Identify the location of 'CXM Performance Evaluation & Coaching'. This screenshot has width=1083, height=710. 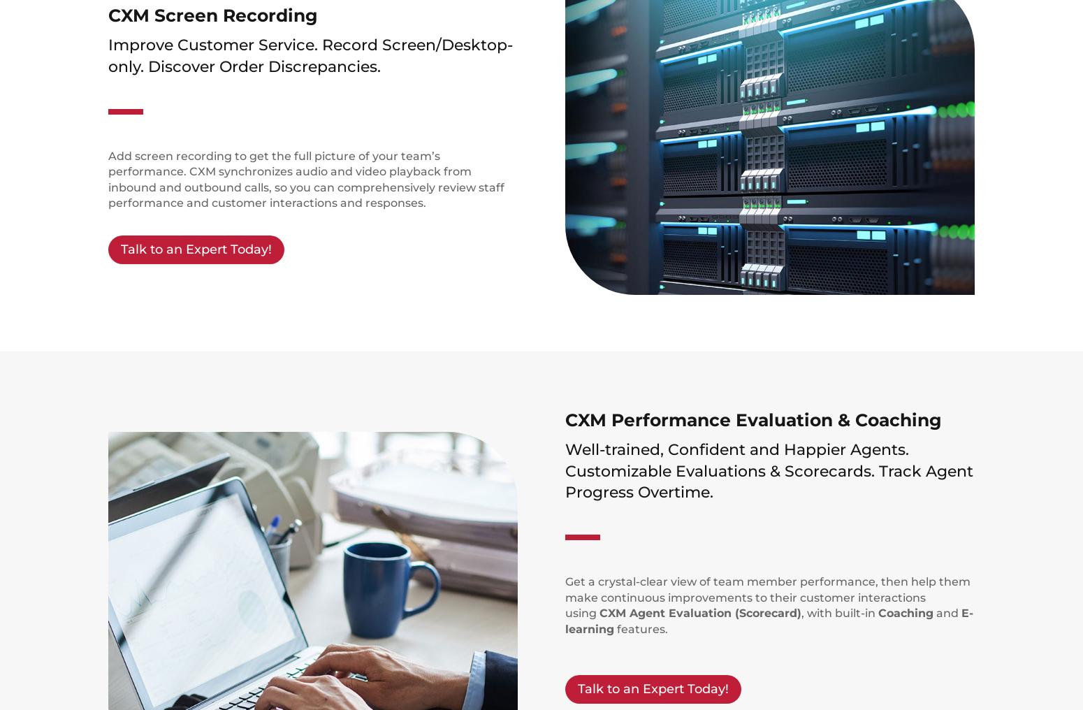
(564, 419).